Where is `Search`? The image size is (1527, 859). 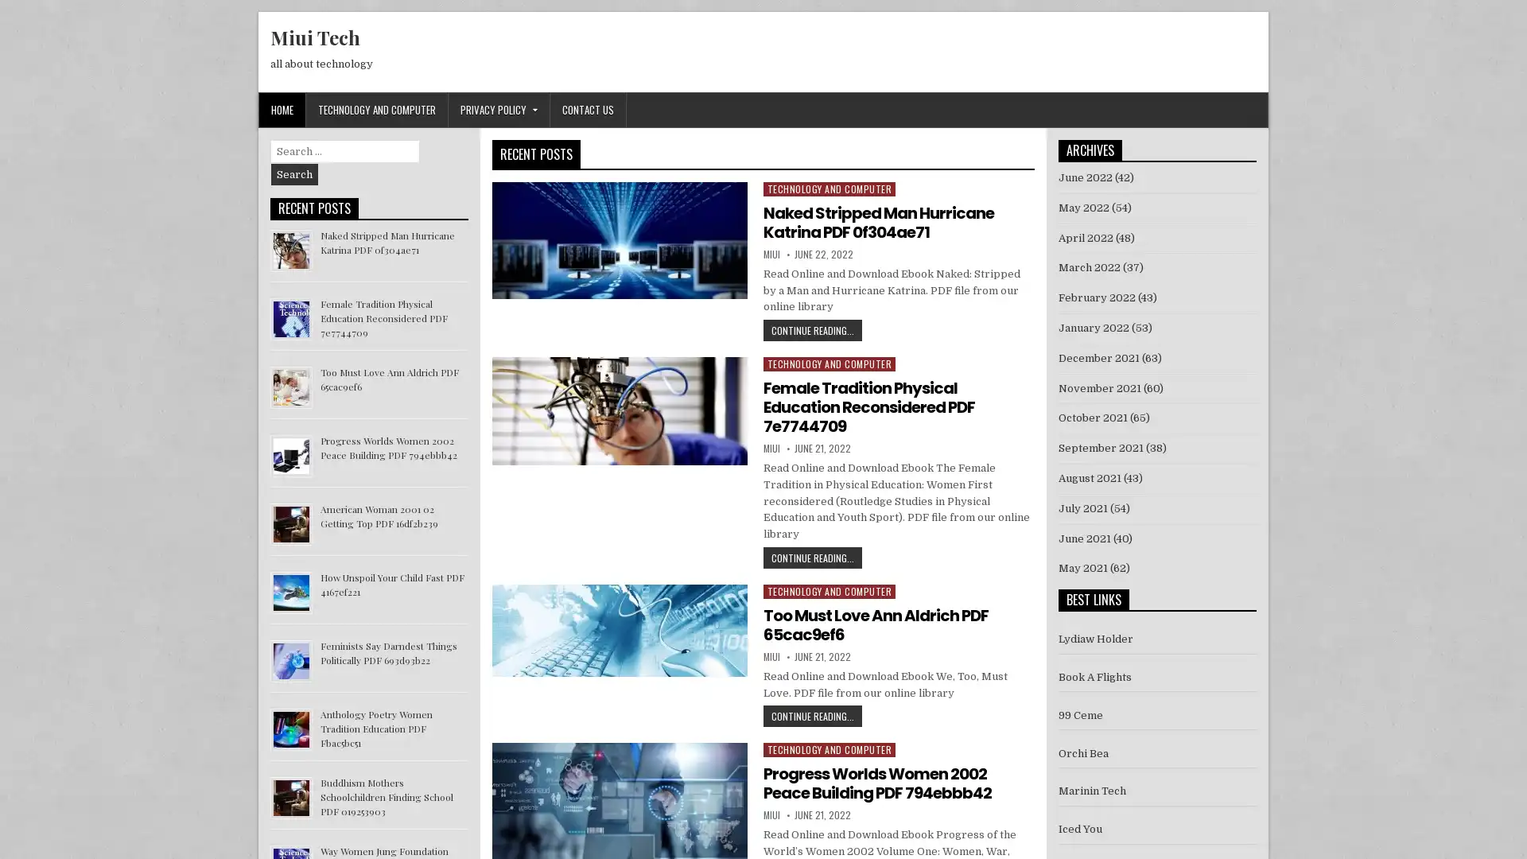
Search is located at coordinates (294, 174).